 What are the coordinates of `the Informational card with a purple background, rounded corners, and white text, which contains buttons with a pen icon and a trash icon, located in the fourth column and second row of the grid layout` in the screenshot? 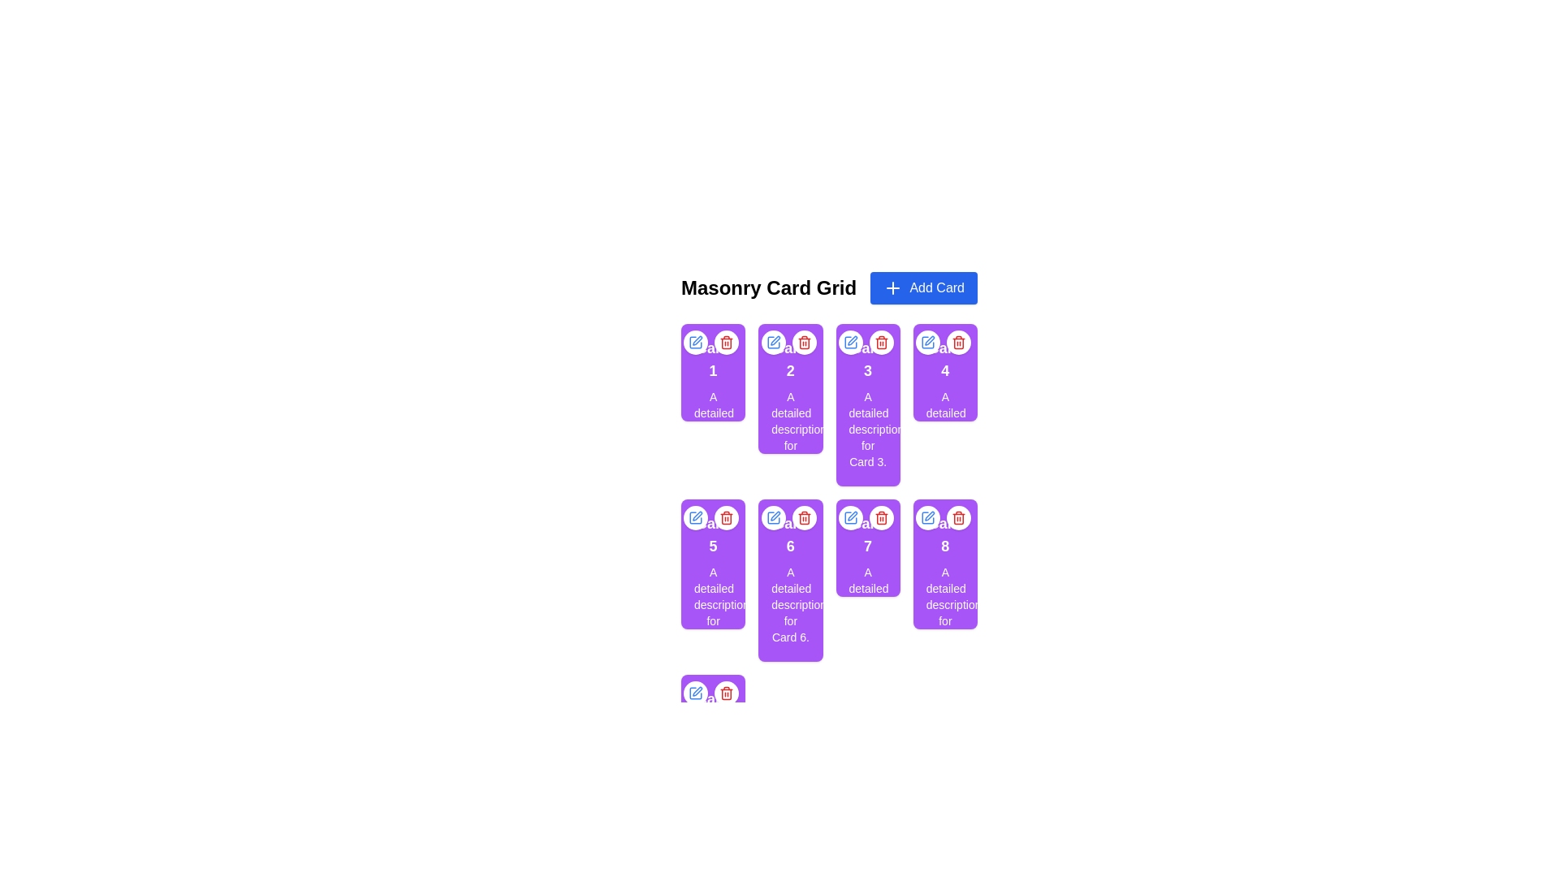 It's located at (945, 563).